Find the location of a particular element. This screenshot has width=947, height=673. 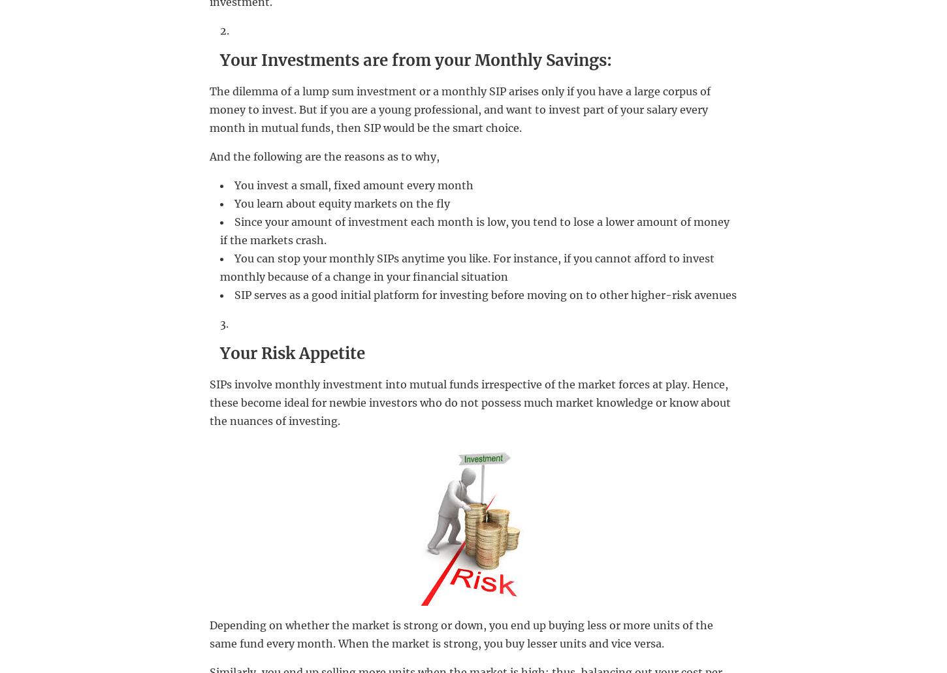

'Here is something Interesting –' is located at coordinates (300, 367).